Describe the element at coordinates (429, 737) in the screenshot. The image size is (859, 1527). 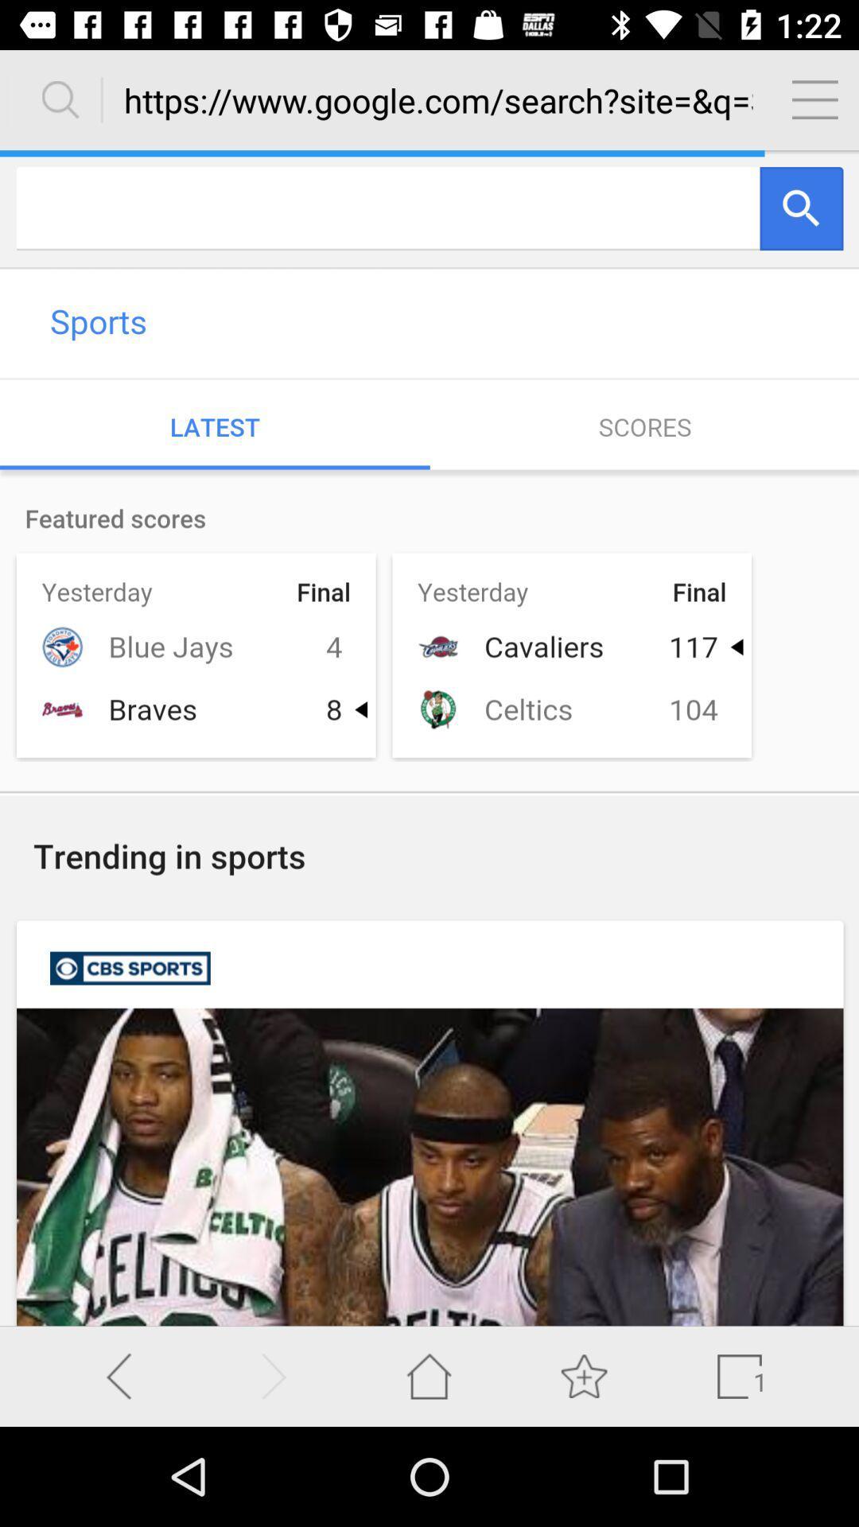
I see `advertisement page` at that location.